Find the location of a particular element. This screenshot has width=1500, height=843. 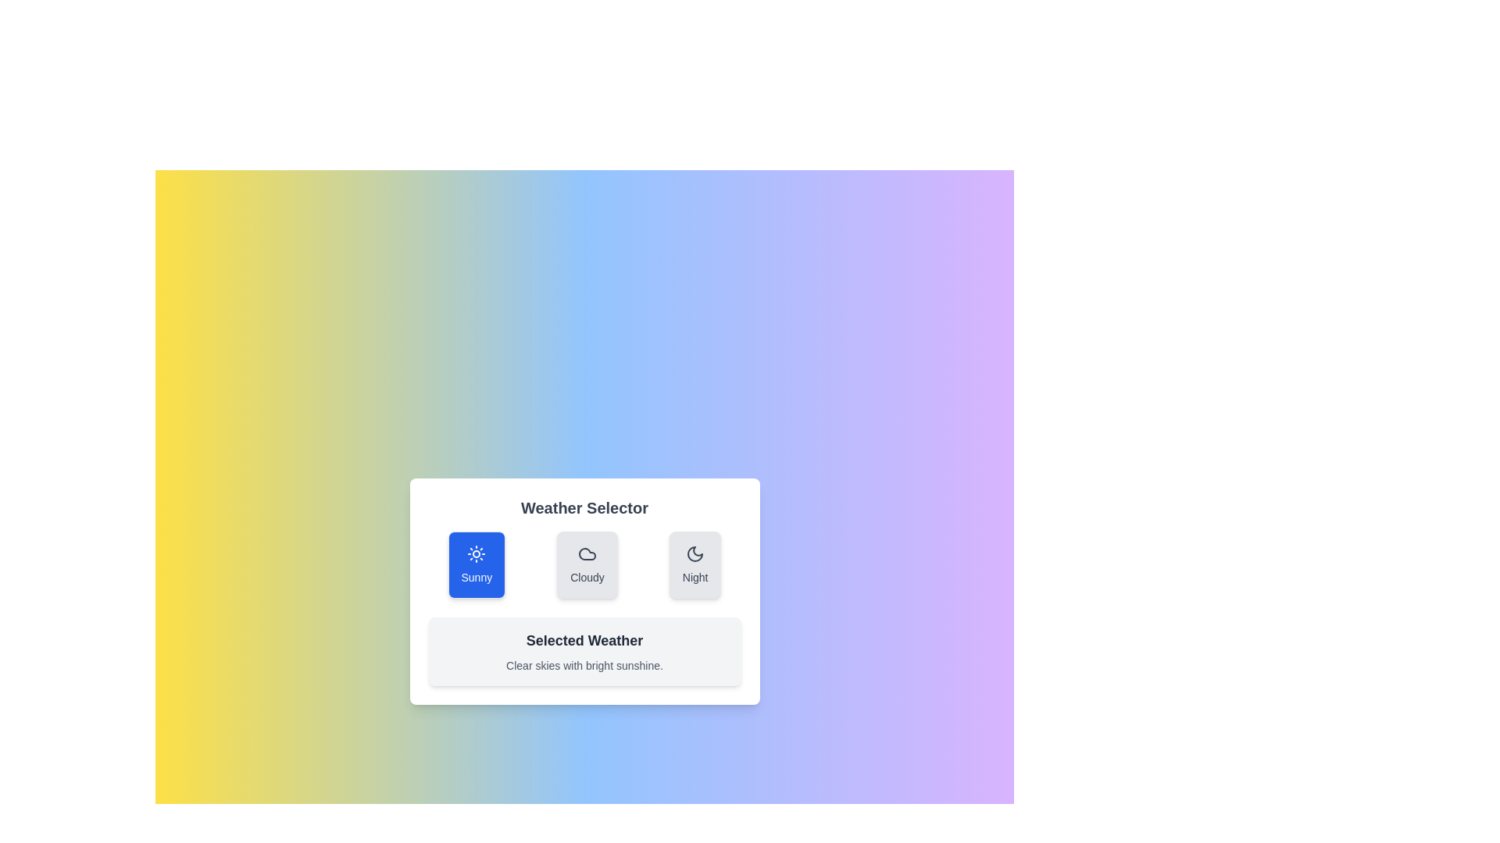

detailed weather information displayed at the bottom of the 'Weather Selector' card, below the interactive buttons labeled 'Sunny,' 'Cloudy,' and 'Night.' is located at coordinates (584, 651).